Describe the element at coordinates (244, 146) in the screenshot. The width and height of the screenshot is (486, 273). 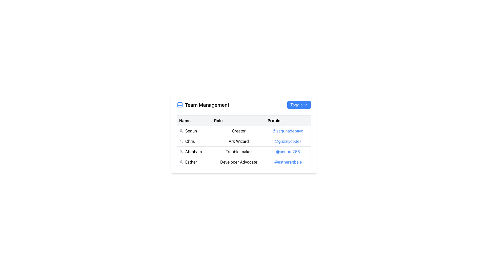
I see `the profile link in the second row of the data table` at that location.